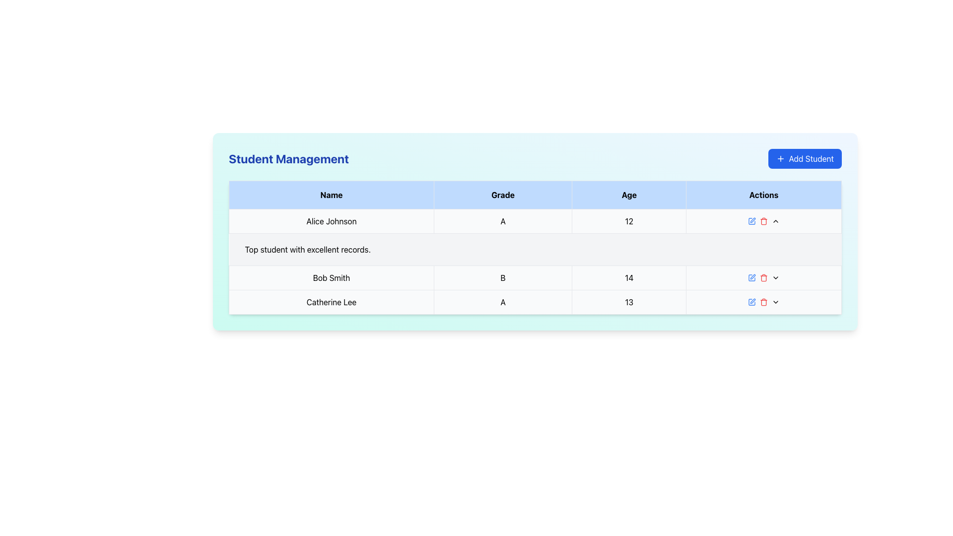 This screenshot has width=953, height=536. I want to click on the Text Label displaying the name of an individual, so click(331, 302).